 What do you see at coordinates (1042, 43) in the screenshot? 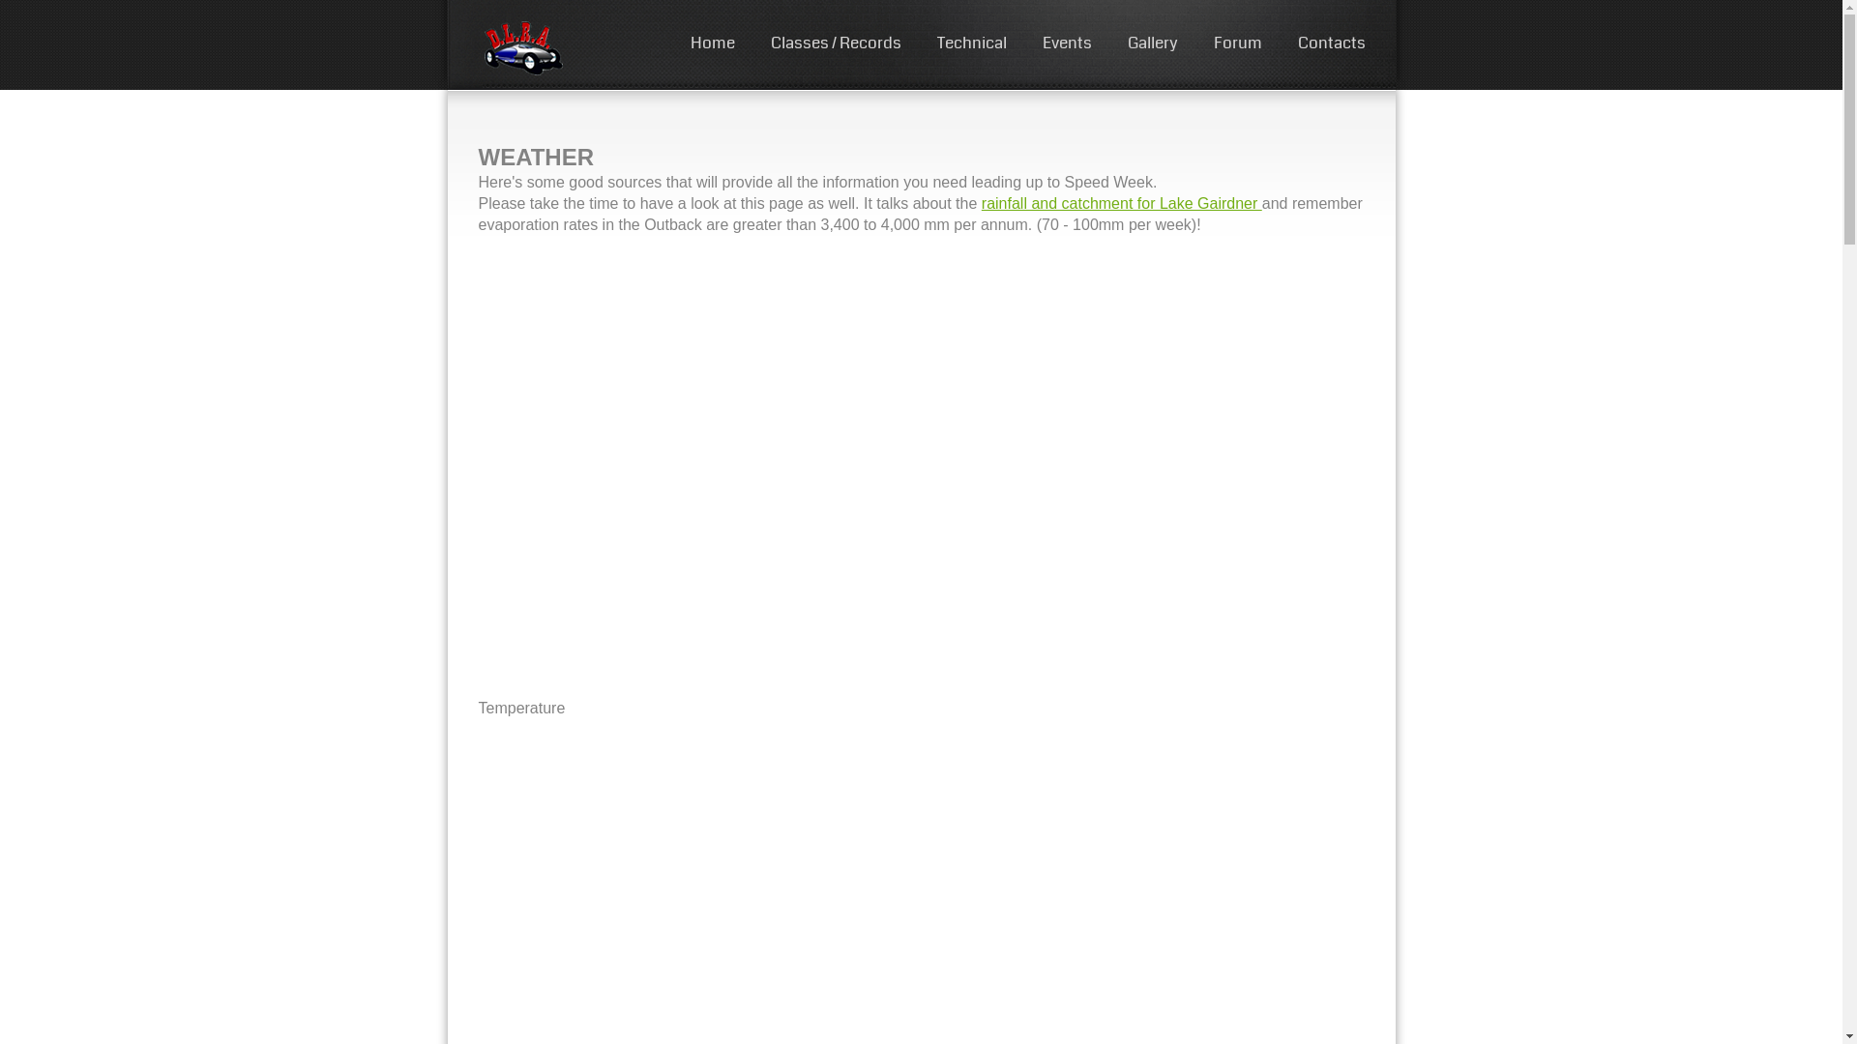
I see `'Events'` at bounding box center [1042, 43].